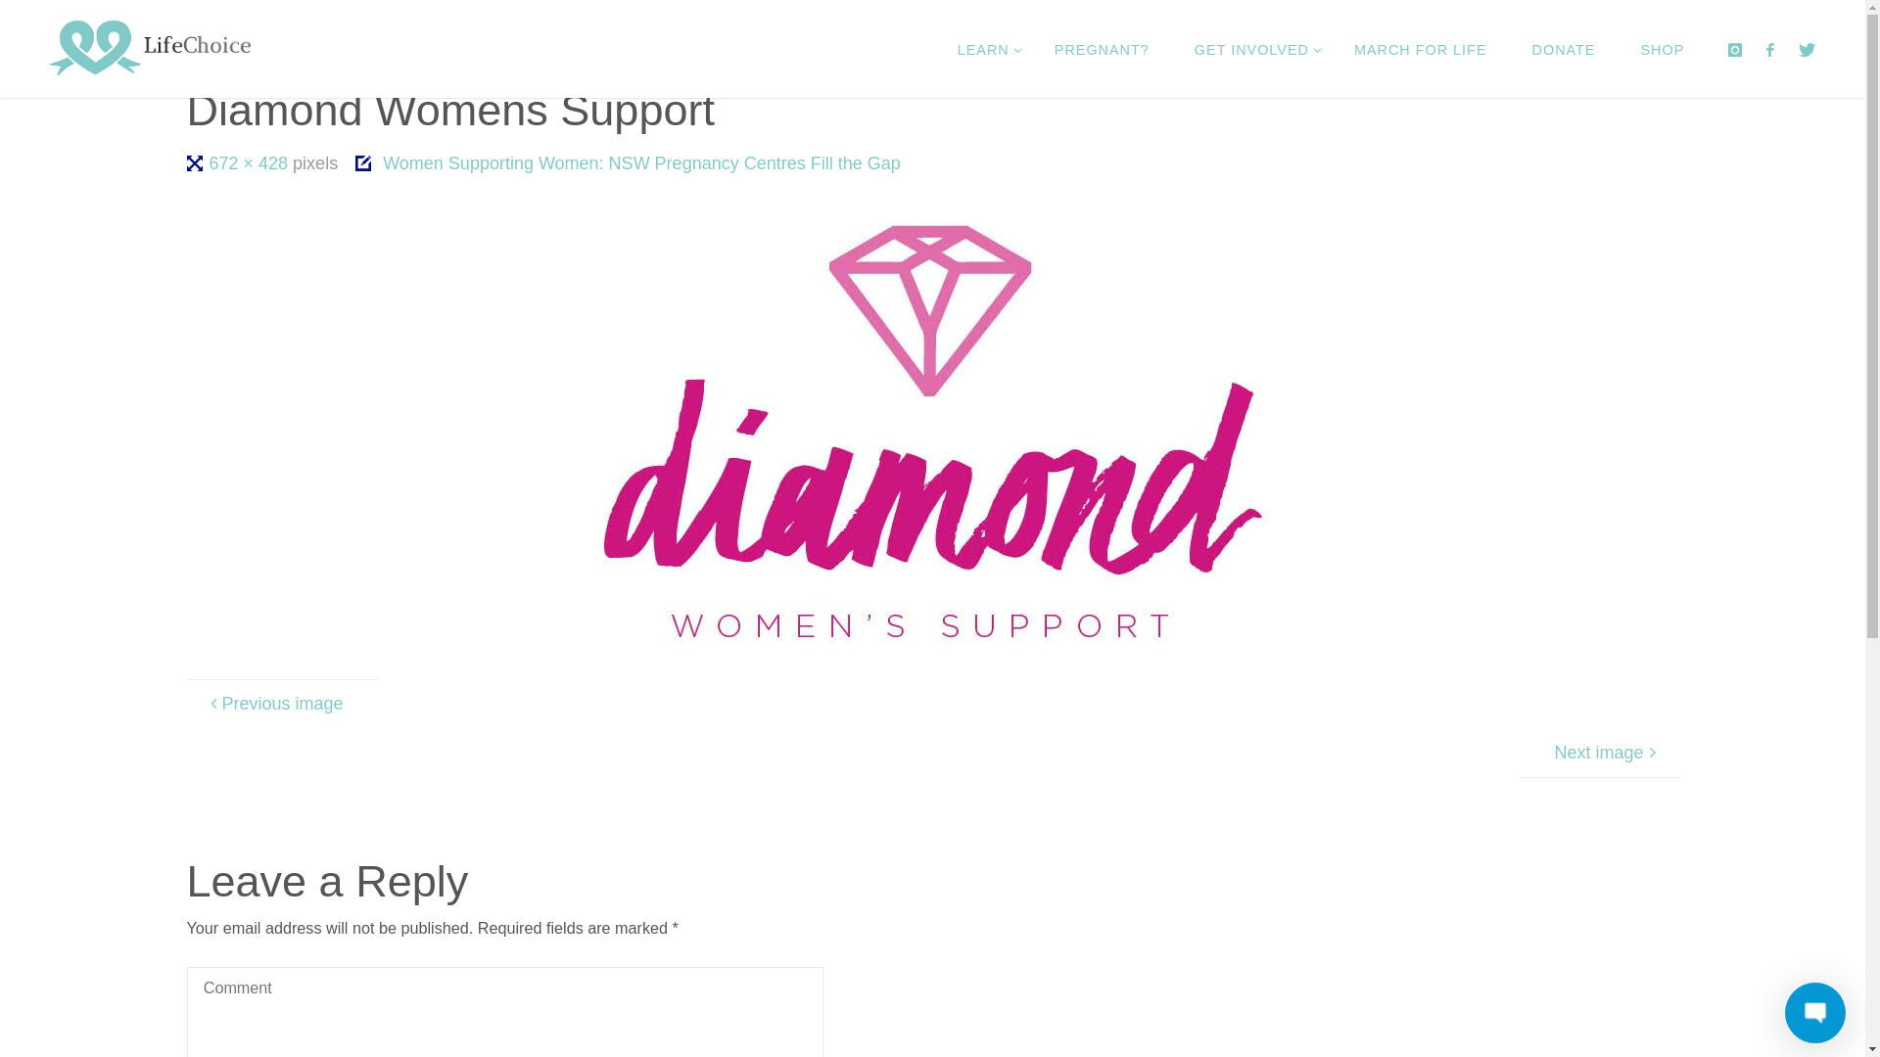  Describe the element at coordinates (1102, 48) in the screenshot. I see `'PREGNANT?'` at that location.